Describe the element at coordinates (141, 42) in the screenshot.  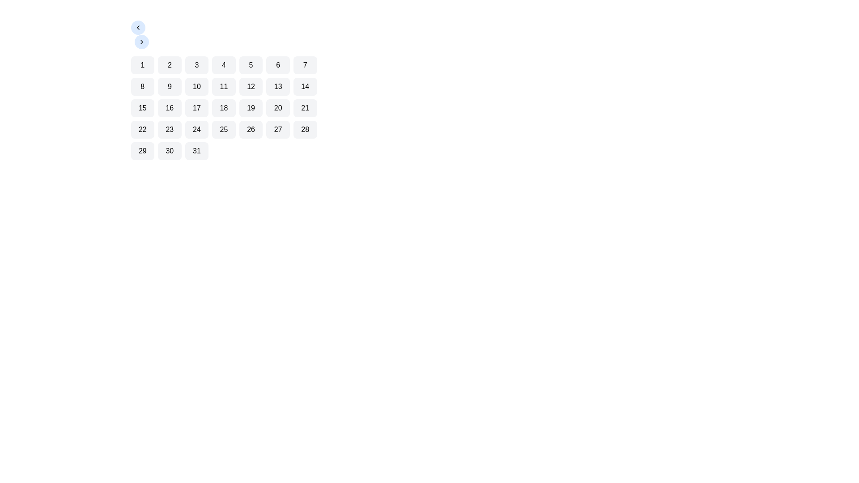
I see `the rightward-pointing chevron icon within the circular button with a light blue background` at that location.